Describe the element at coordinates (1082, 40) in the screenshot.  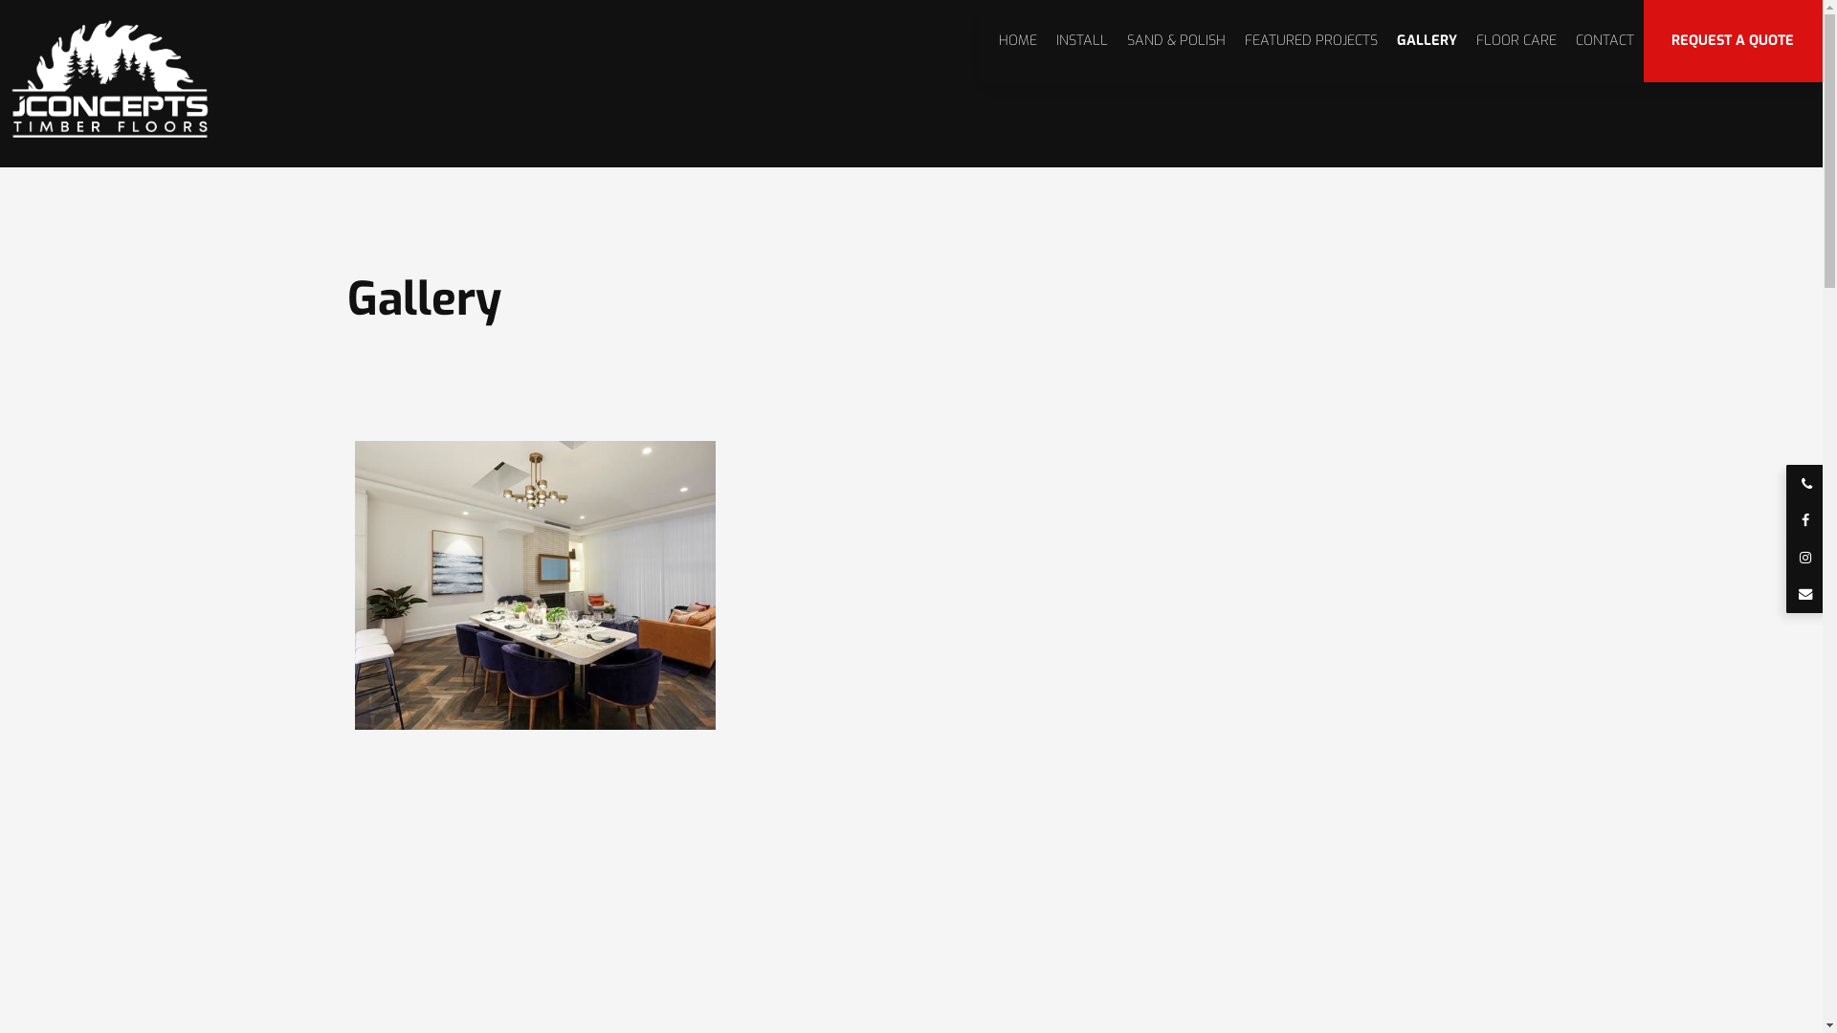
I see `'INSTALL'` at that location.